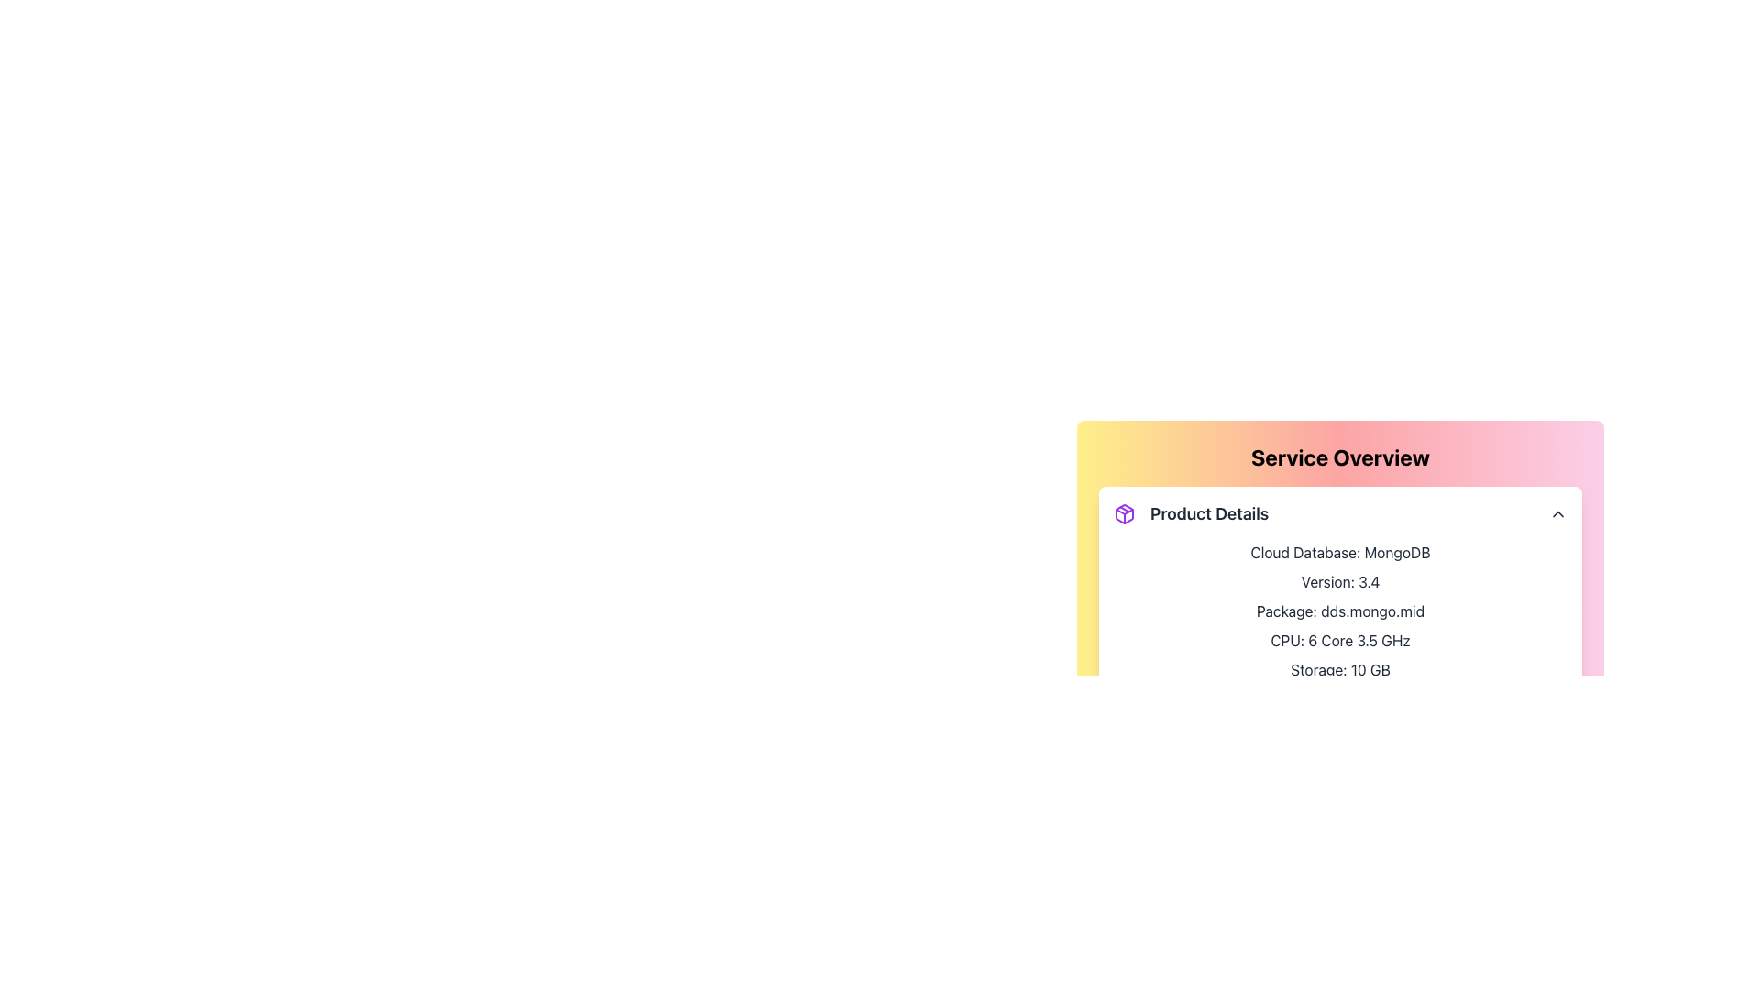 This screenshot has height=990, width=1760. Describe the element at coordinates (1340, 551) in the screenshot. I see `the text label displaying 'Cloud Database: MongoDB' which is the first item in the list of technical details under the 'Service Overview' section` at that location.